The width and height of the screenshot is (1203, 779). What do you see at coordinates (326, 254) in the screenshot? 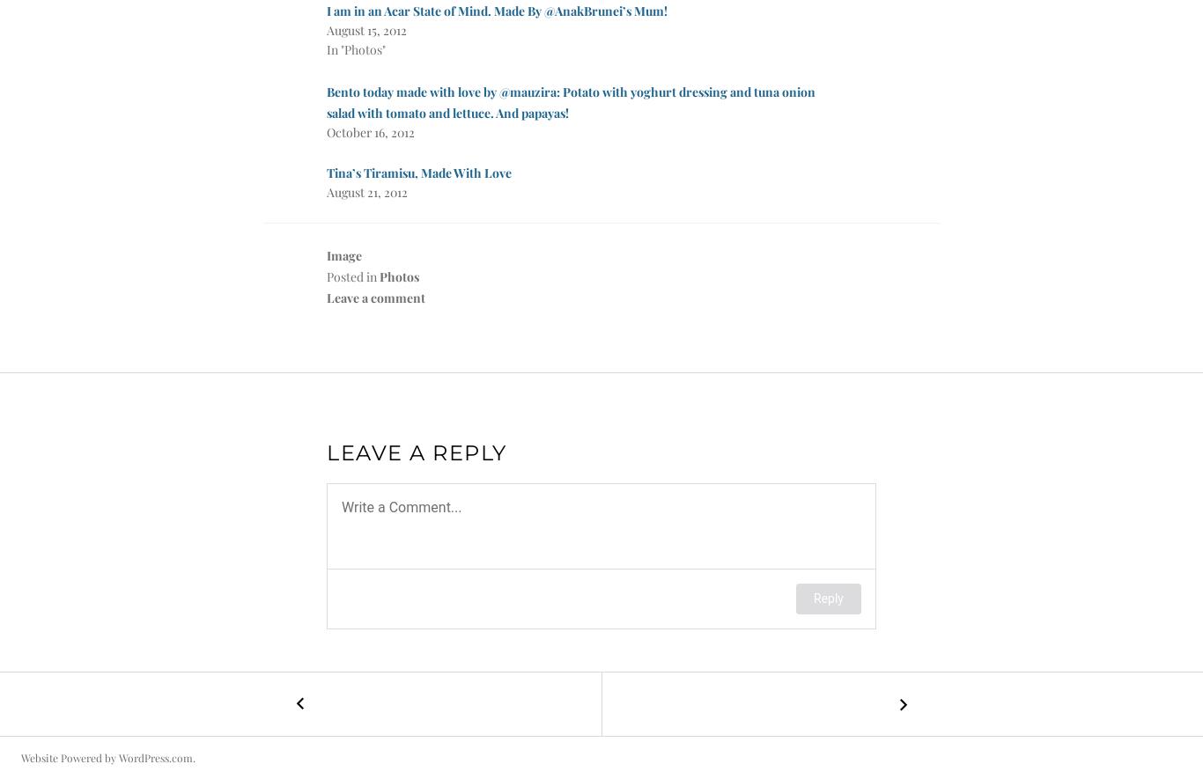
I see `'Image'` at bounding box center [326, 254].